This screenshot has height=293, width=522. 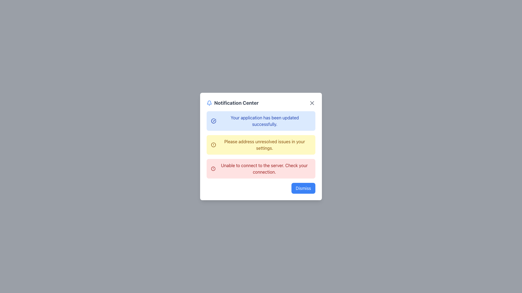 What do you see at coordinates (265, 144) in the screenshot?
I see `the text label that reads 'Please address unresolved issues in your settings.' which is styled with a yellow background and brown text, located in the second notification of the Notification Center` at bounding box center [265, 144].